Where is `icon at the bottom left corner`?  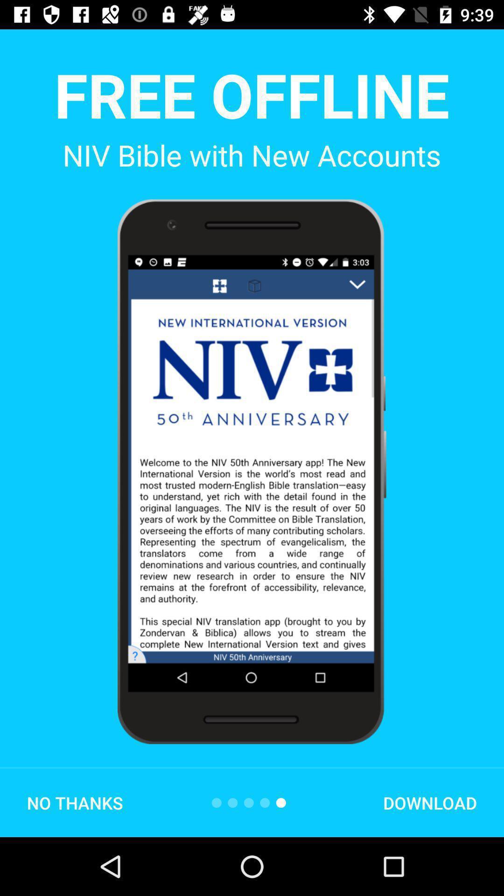 icon at the bottom left corner is located at coordinates (74, 802).